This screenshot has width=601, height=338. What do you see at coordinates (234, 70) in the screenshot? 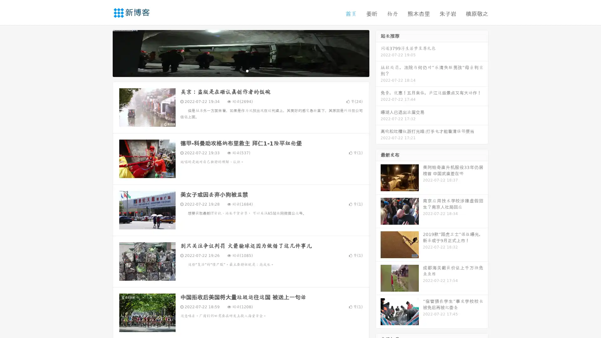
I see `Go to slide 1` at bounding box center [234, 70].